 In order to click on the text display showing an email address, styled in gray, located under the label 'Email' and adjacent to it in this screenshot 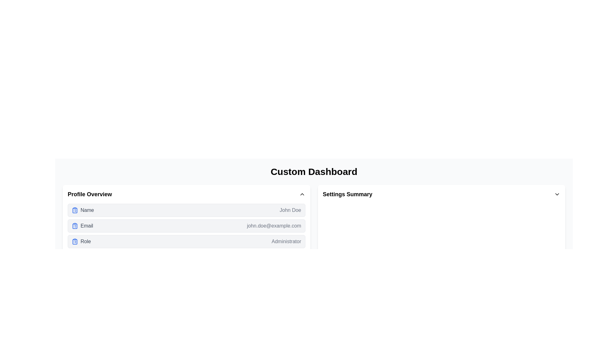, I will do `click(274, 226)`.